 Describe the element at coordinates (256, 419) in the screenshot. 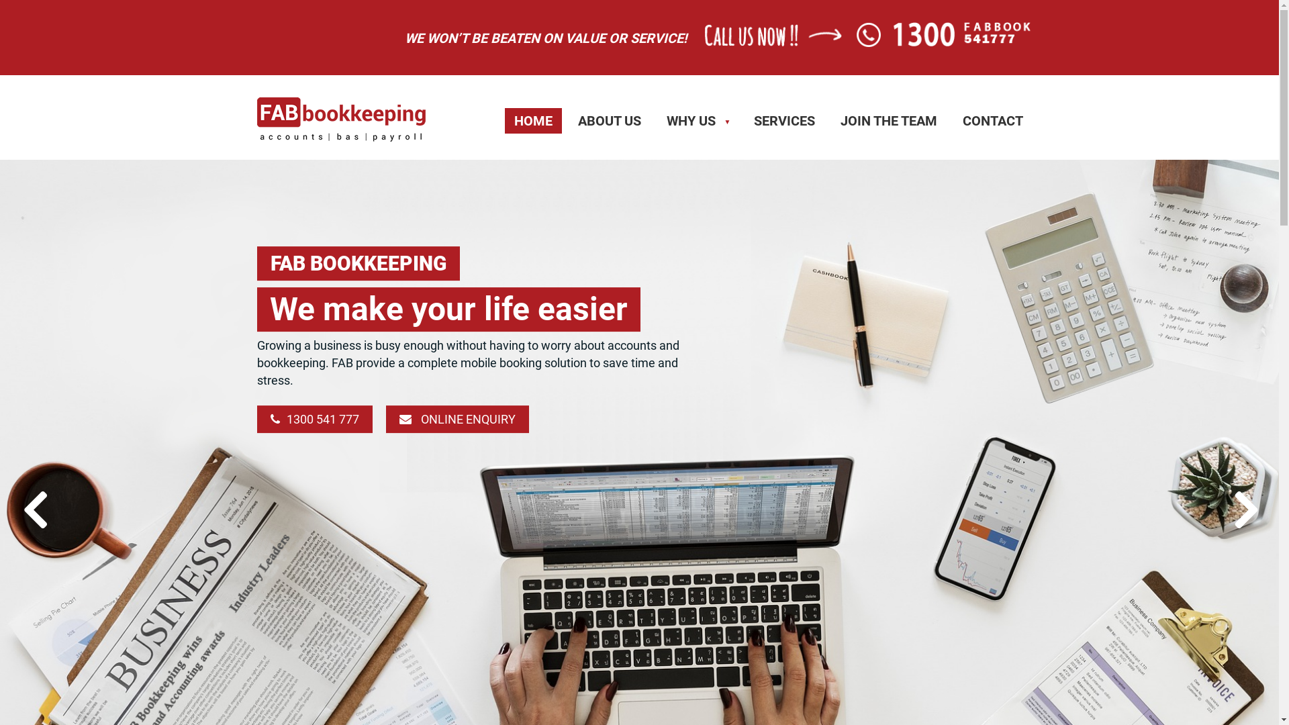

I see `'1300 541 777'` at that location.